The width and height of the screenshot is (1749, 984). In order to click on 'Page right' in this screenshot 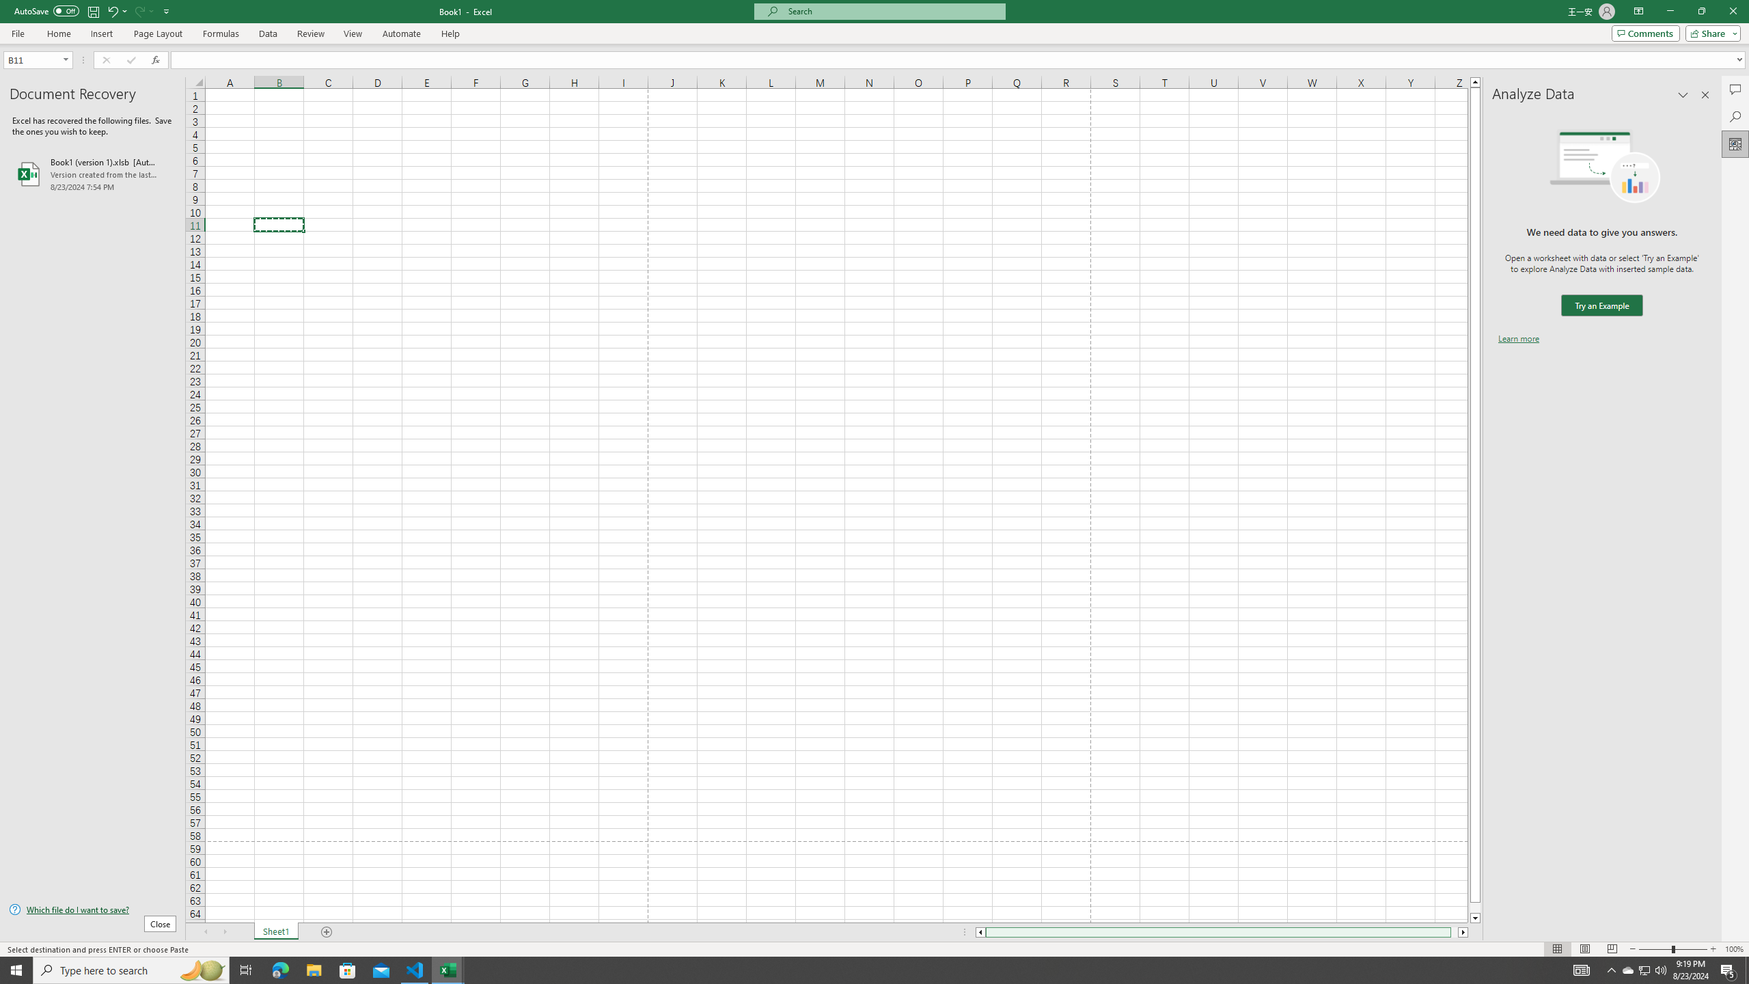, I will do `click(1454, 931)`.